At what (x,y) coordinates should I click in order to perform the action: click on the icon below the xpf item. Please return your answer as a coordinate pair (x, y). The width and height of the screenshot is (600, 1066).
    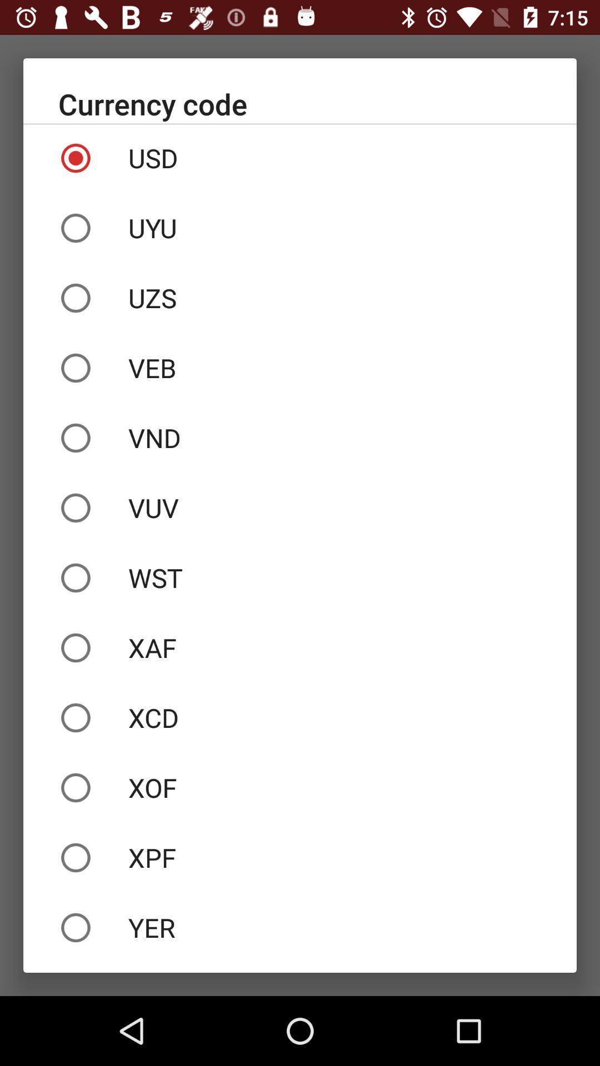
    Looking at the image, I should click on (300, 927).